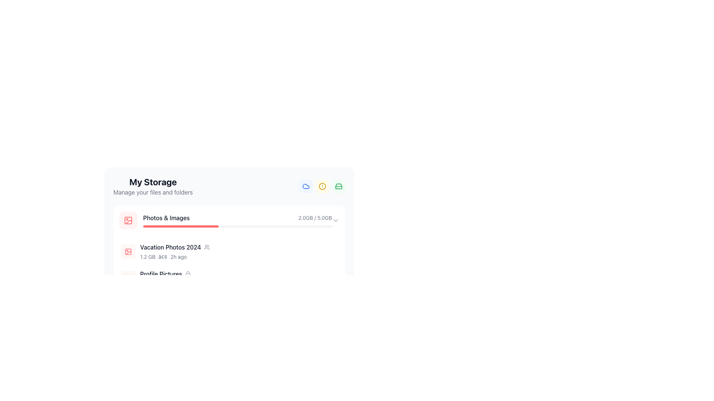  Describe the element at coordinates (229, 220) in the screenshot. I see `the first list item styled as a rectangular card labeled 'Photos & Images' in the central content area` at that location.